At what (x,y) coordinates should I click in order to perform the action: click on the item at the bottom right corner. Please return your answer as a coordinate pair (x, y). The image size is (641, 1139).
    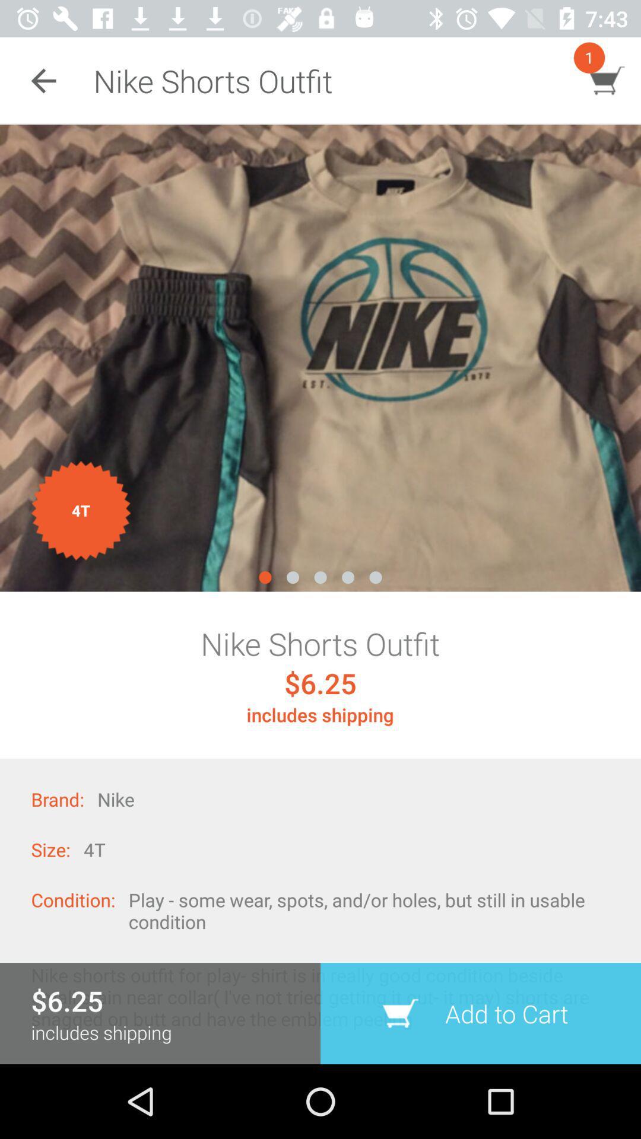
    Looking at the image, I should click on (481, 1013).